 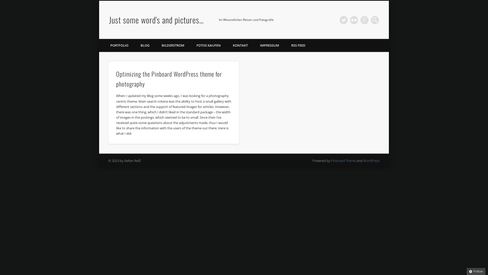 I want to click on 'RSS FEED', so click(x=298, y=45).